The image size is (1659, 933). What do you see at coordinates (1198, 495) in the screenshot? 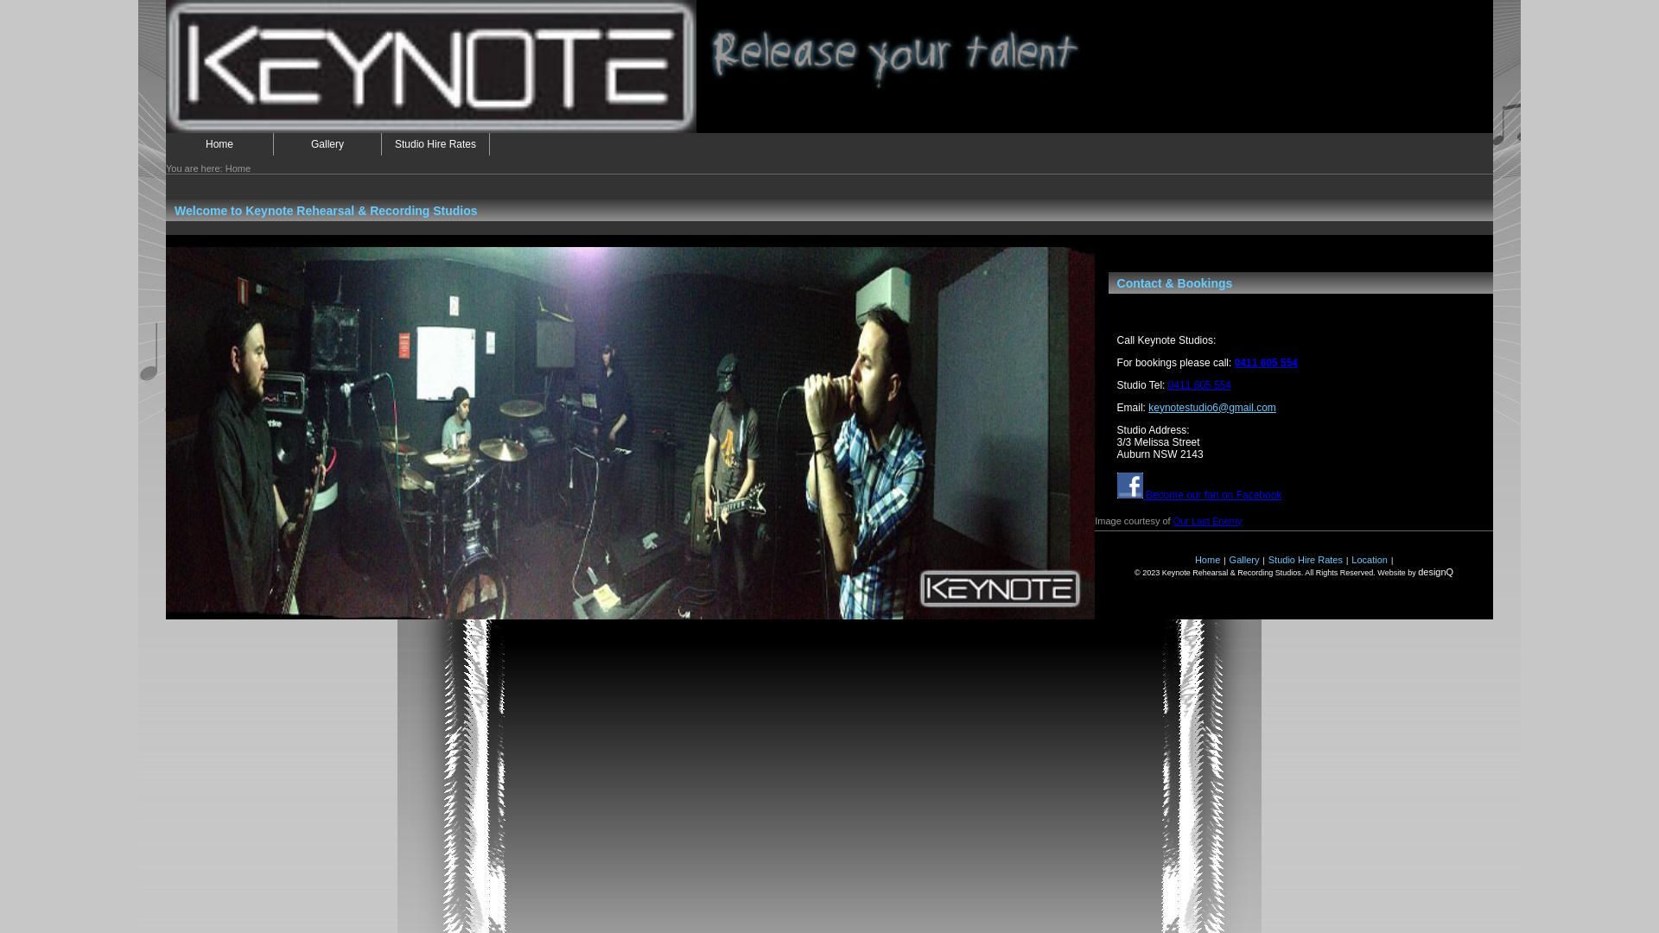
I see `'Become our fan on Facebook'` at bounding box center [1198, 495].